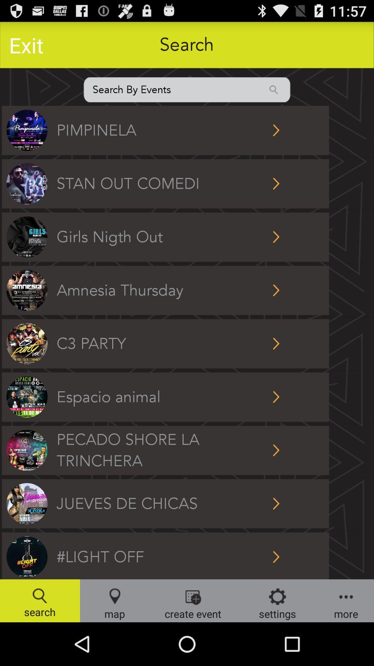 This screenshot has height=666, width=374. Describe the element at coordinates (187, 89) in the screenshot. I see `search upcoming events` at that location.